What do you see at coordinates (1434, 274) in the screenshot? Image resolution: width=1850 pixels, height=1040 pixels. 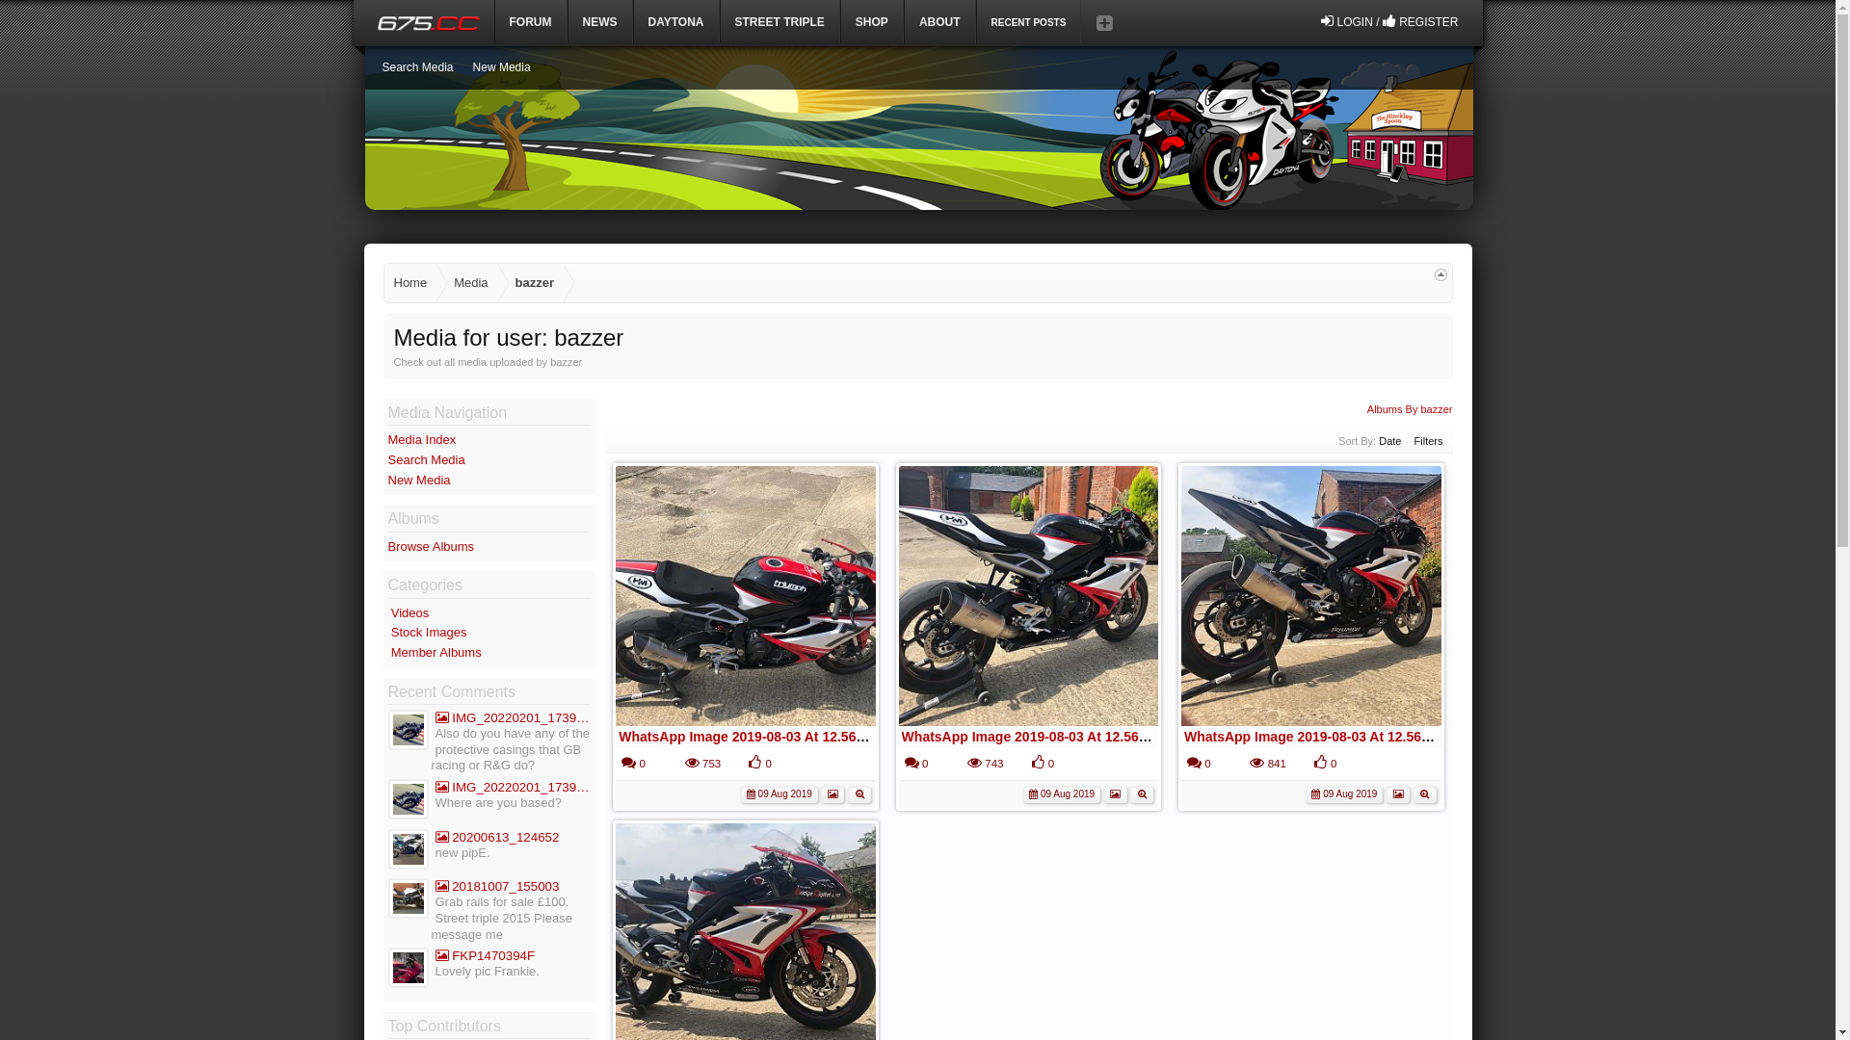 I see `'Open quick navigation'` at bounding box center [1434, 274].